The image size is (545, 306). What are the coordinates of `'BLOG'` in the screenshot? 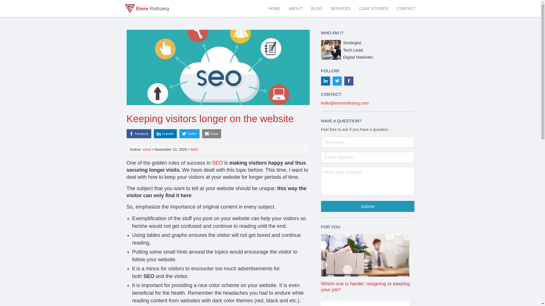 It's located at (316, 8).